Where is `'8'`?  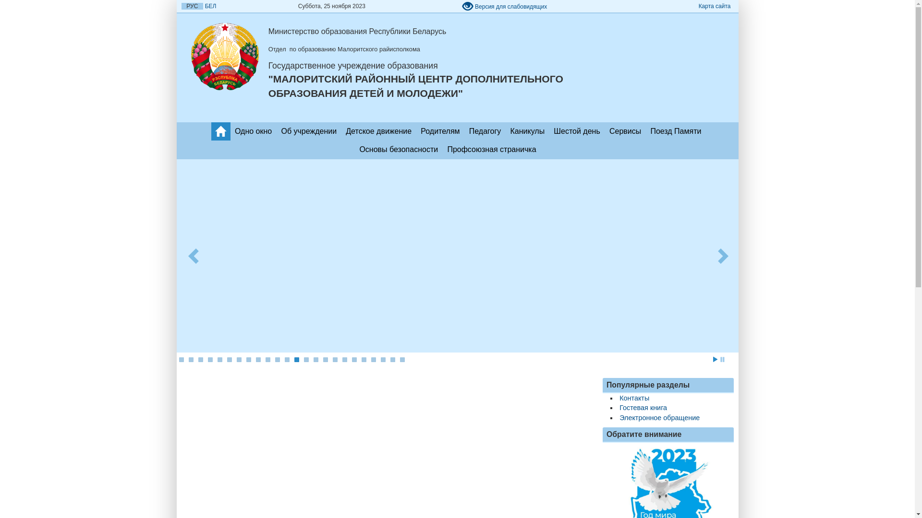 '8' is located at coordinates (248, 359).